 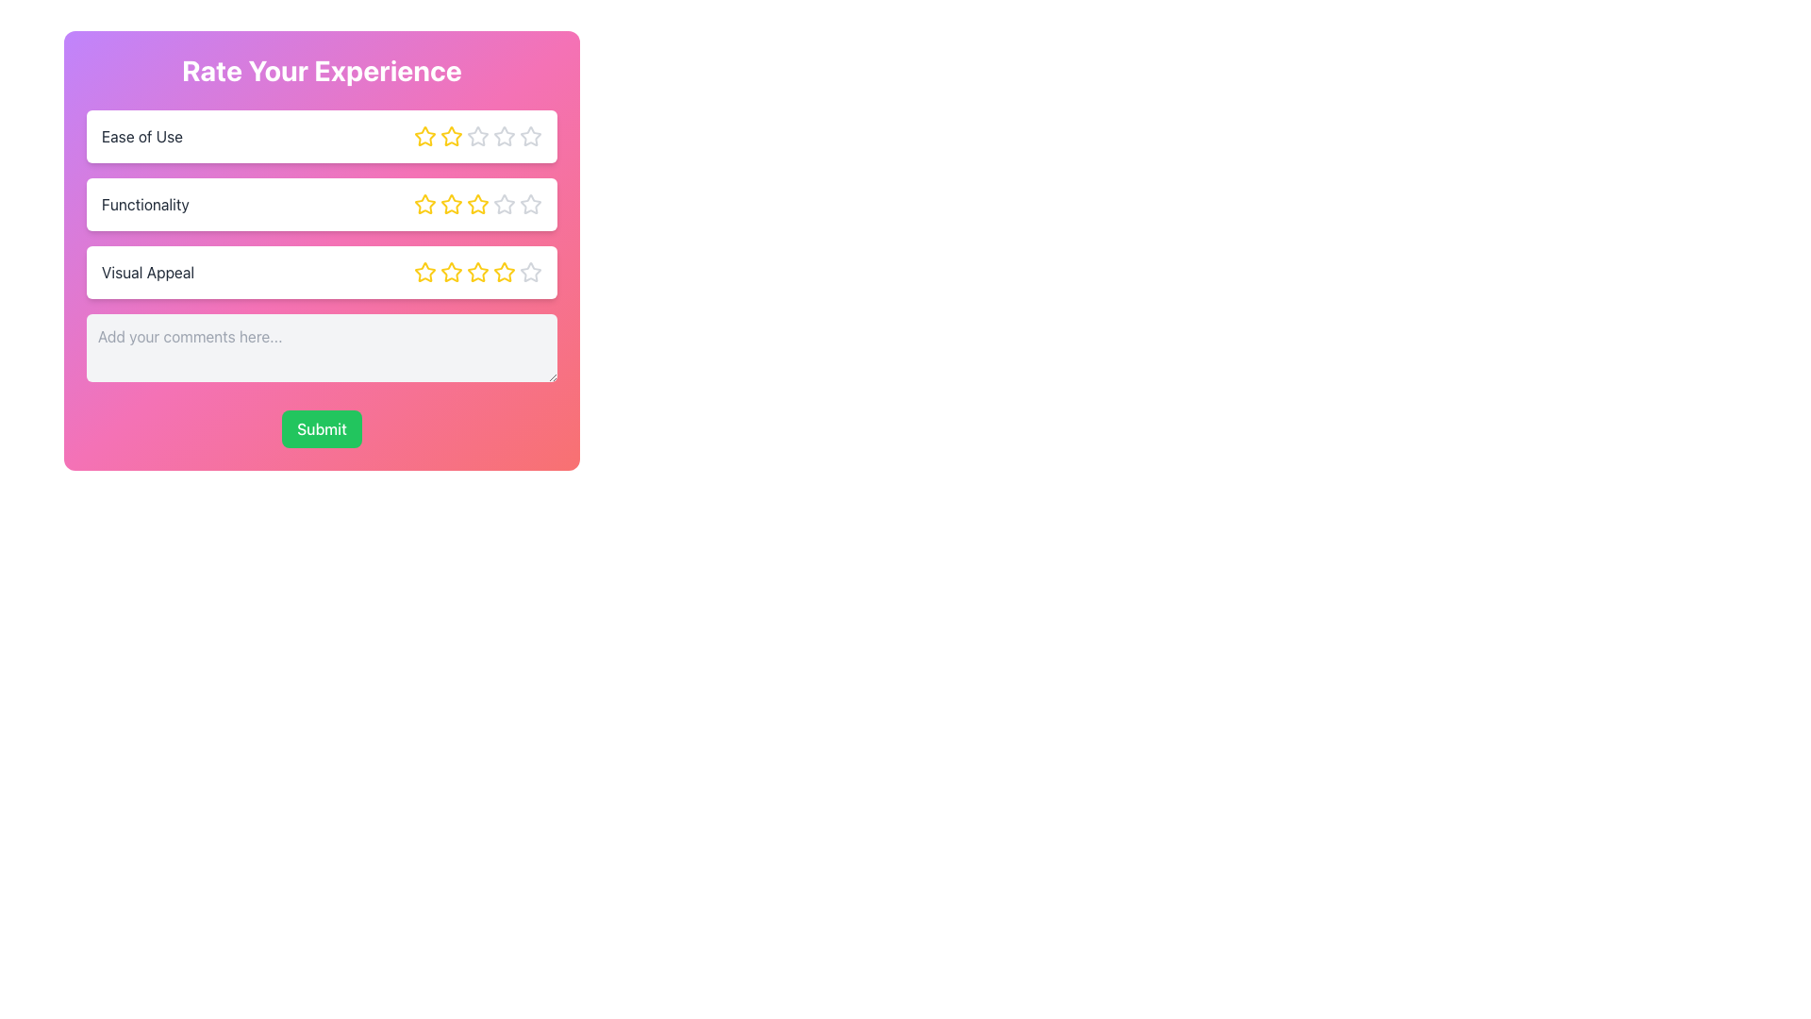 What do you see at coordinates (478, 135) in the screenshot?
I see `the fourth star-shaped graphical icon for rating purposes in the 'Ease of Use' section` at bounding box center [478, 135].